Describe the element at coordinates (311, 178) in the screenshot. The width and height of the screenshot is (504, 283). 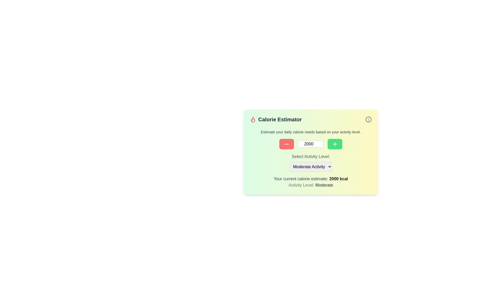
I see `the Text Display that shows 'Your current calorie estimate: 2000 kcal', which is located above the 'Activity Level: Moderate' label and below the 'Select Activity Level' dropdown` at that location.